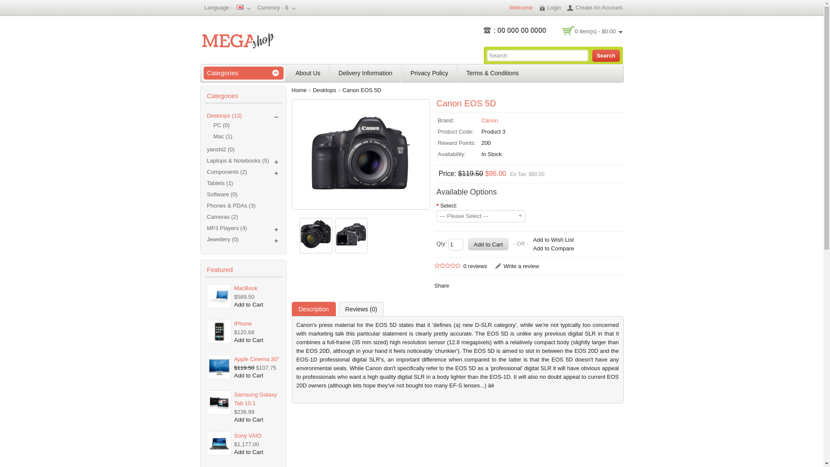  What do you see at coordinates (365, 73) in the screenshot?
I see `'Delivery Information'` at bounding box center [365, 73].